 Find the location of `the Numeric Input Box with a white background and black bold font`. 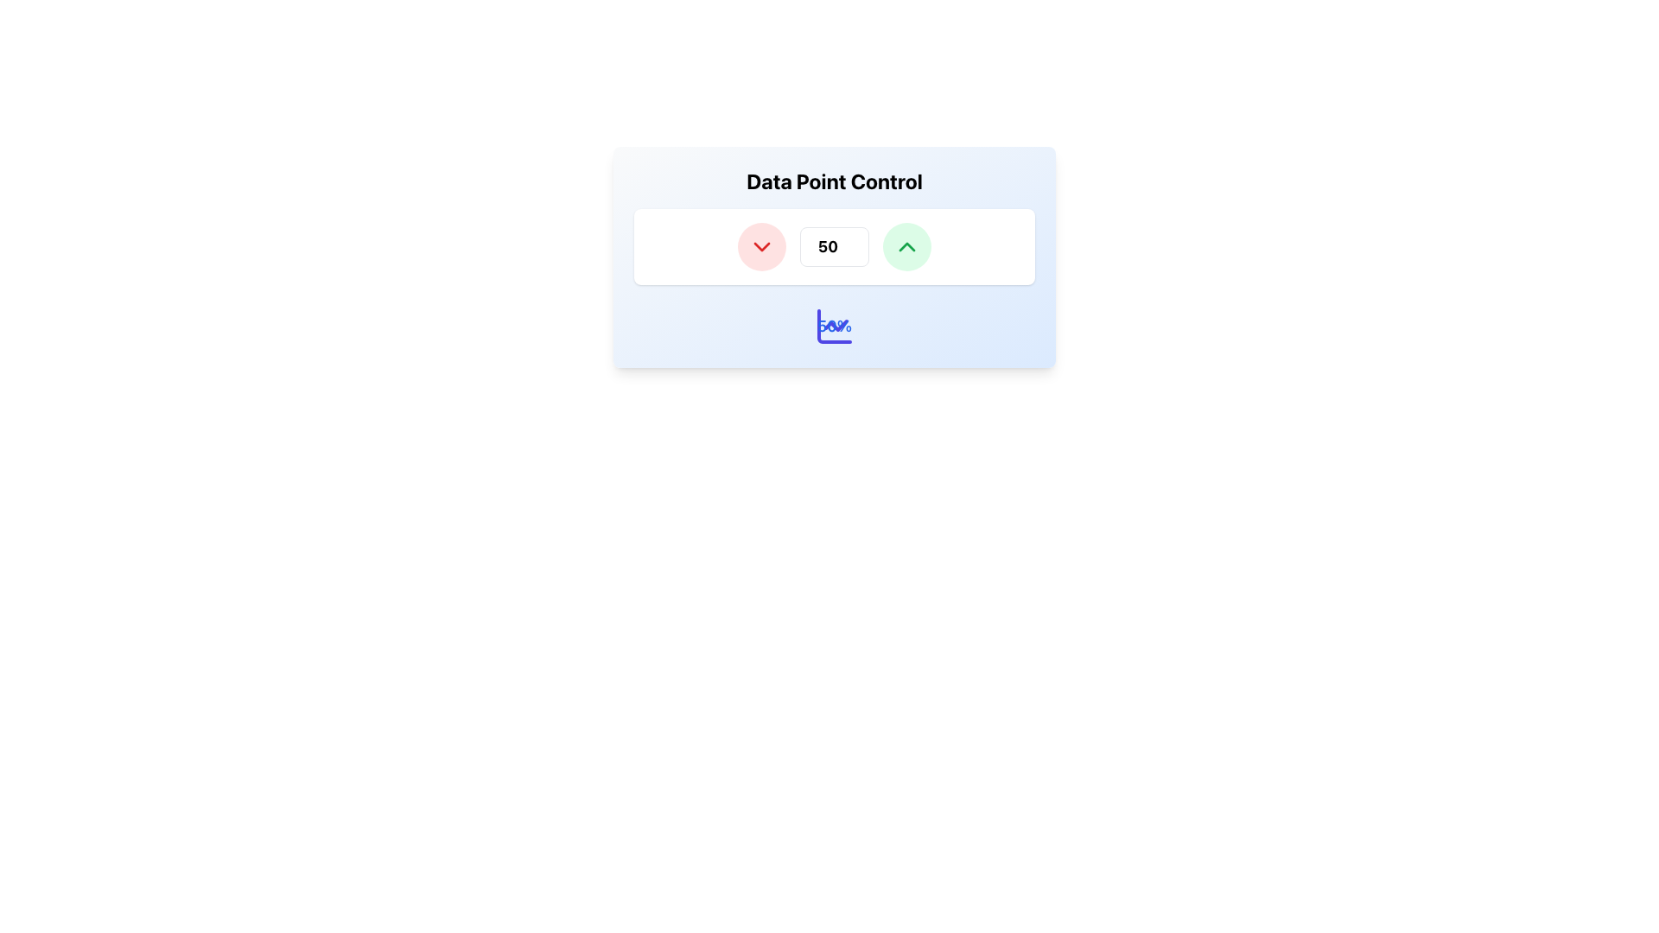

the Numeric Input Box with a white background and black bold font is located at coordinates (834, 246).